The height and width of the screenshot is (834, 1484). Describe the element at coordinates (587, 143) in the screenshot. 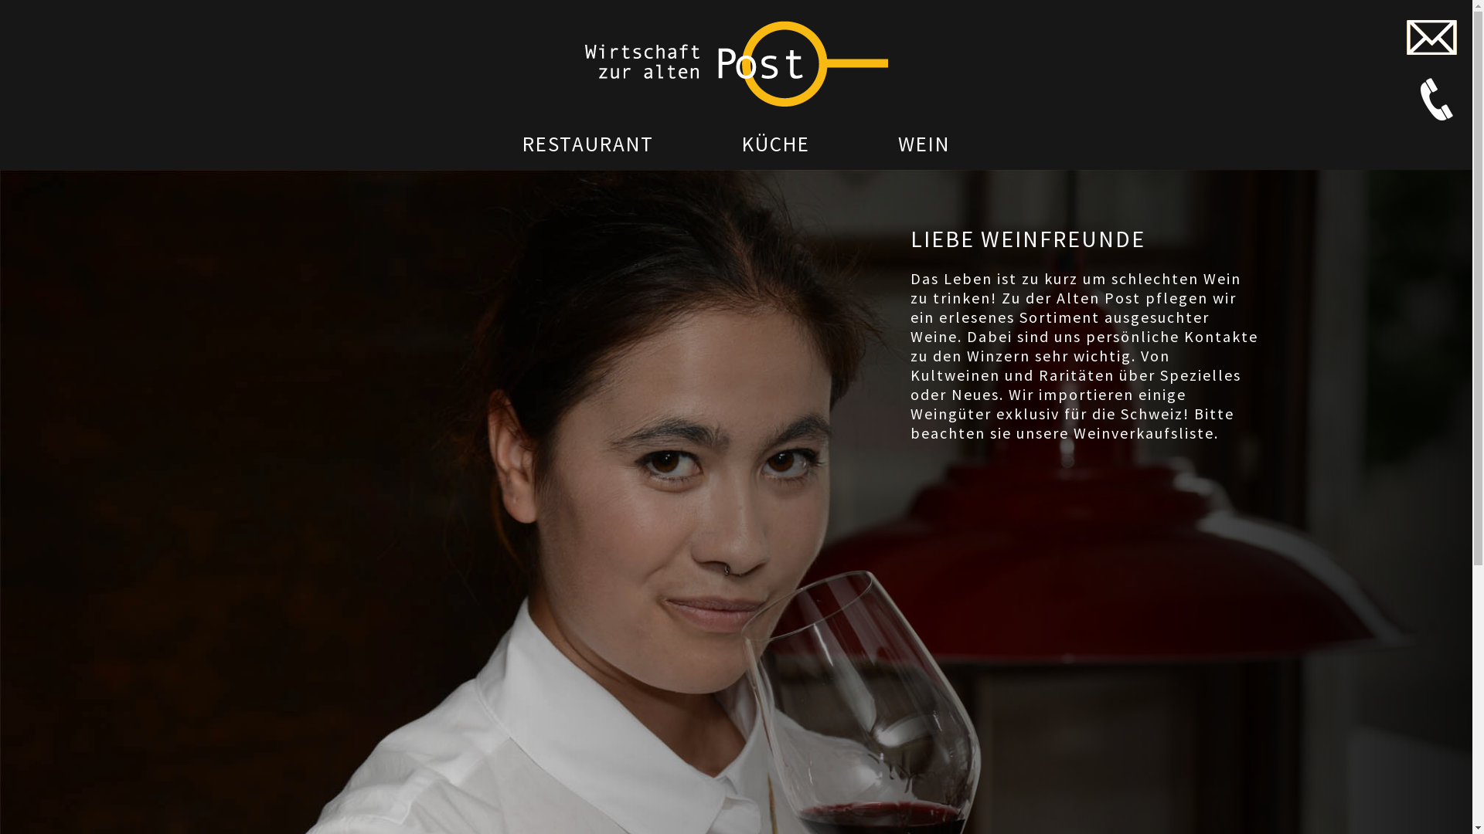

I see `'RESTAURANT'` at that location.